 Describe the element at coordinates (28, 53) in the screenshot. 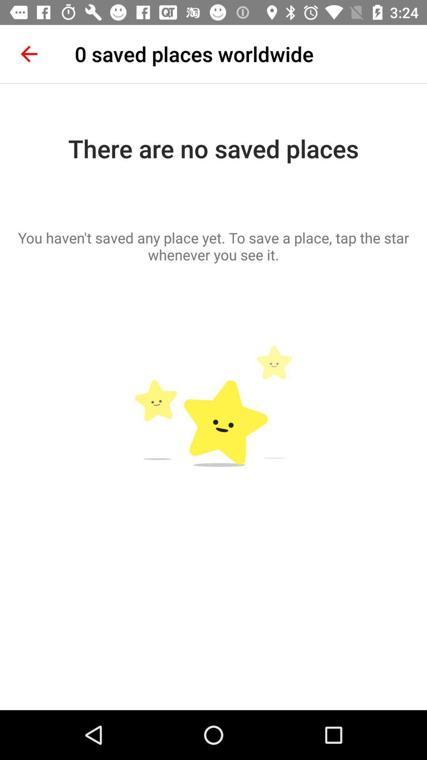

I see `icon to the left of the 0 saved places` at that location.